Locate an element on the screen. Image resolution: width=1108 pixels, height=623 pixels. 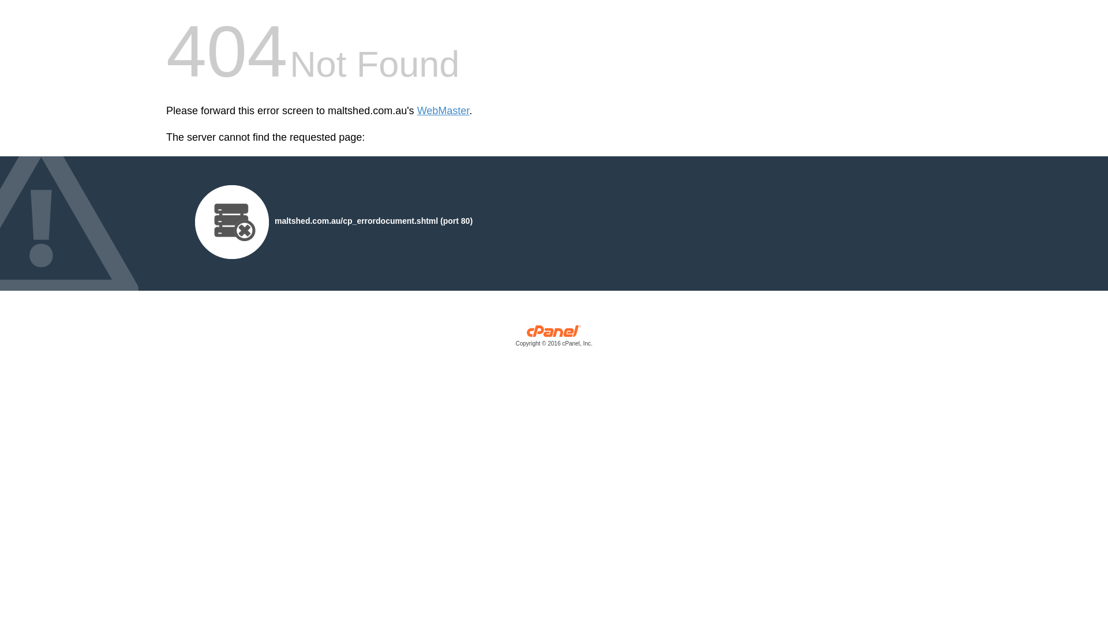
'WebMaster' is located at coordinates (443, 111).